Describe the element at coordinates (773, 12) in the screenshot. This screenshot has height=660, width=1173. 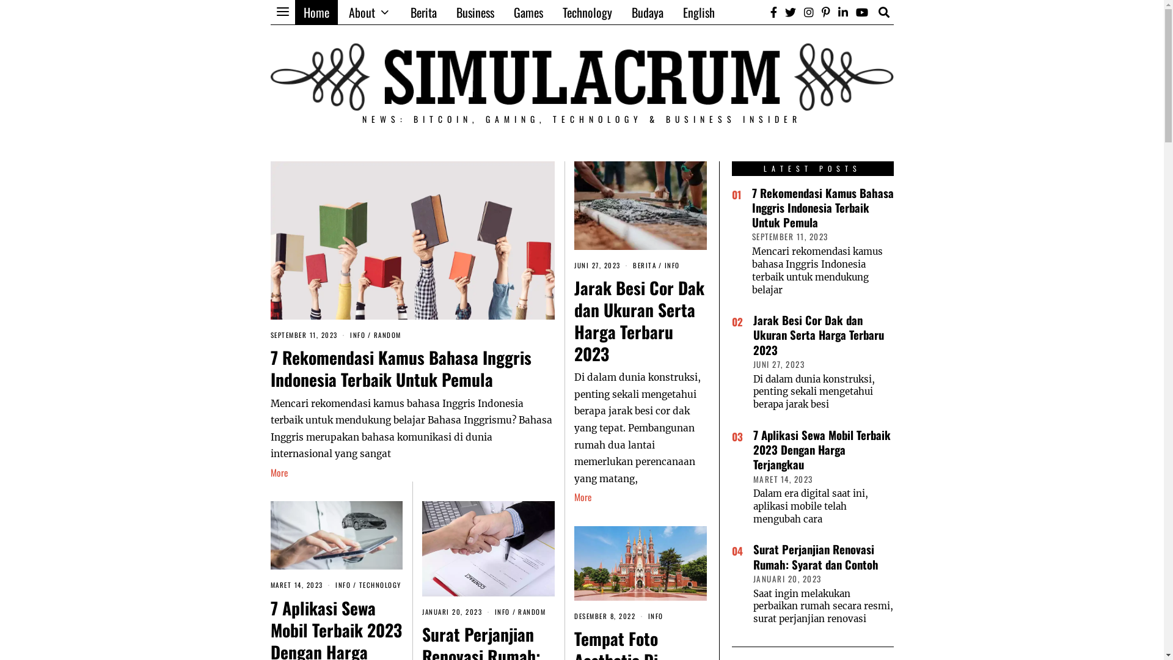
I see `'Facebook'` at that location.